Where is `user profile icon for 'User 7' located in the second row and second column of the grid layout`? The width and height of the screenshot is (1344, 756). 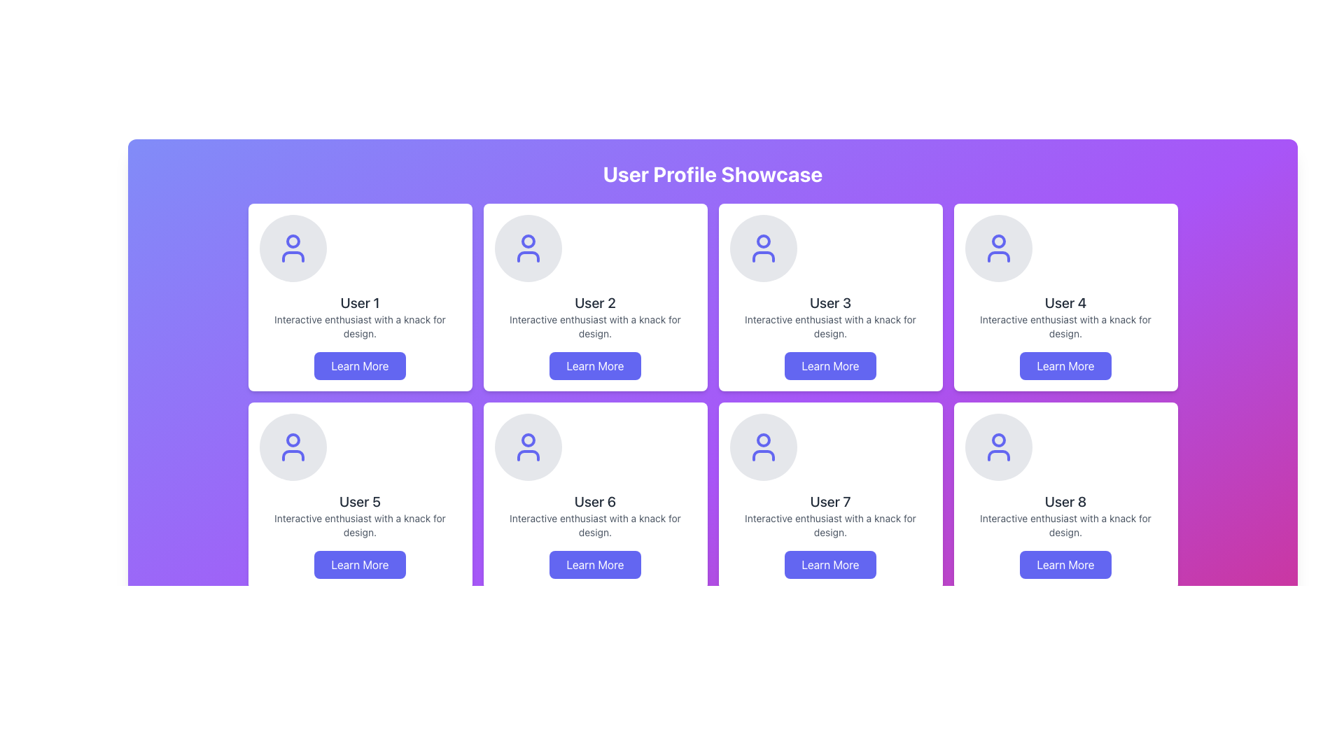
user profile icon for 'User 7' located in the second row and second column of the grid layout is located at coordinates (762, 447).